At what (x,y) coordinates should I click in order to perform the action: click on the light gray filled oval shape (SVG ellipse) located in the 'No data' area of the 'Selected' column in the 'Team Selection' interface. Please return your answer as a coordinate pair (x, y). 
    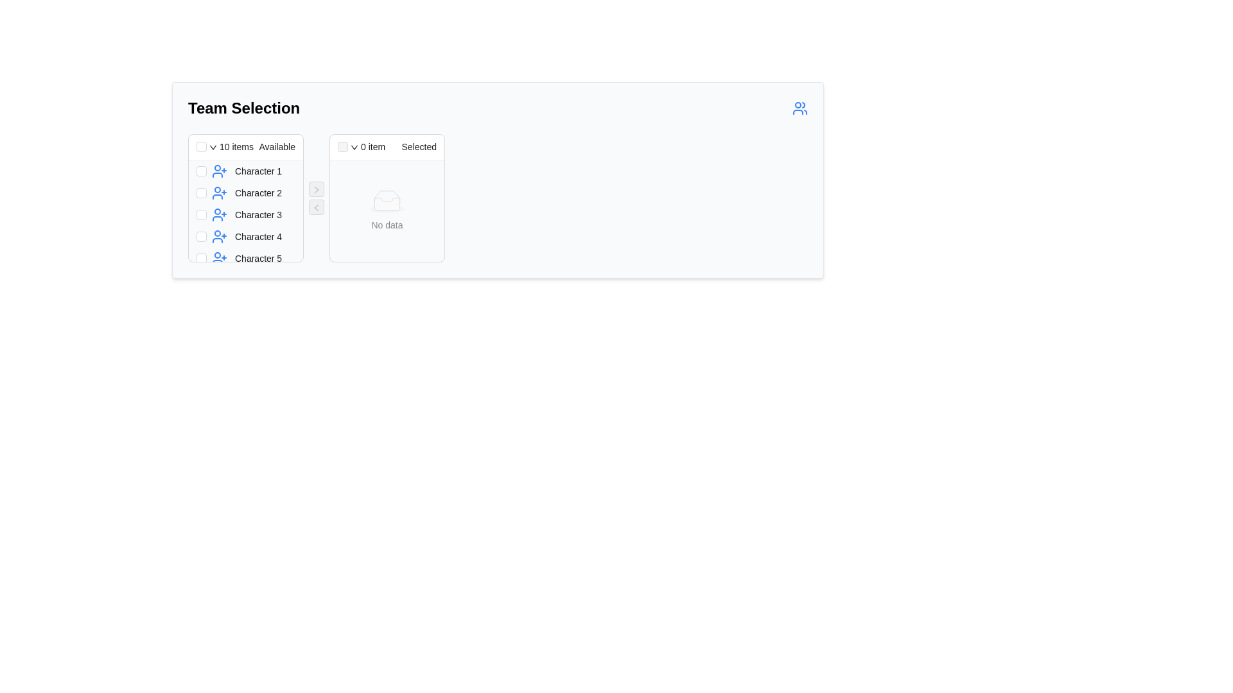
    Looking at the image, I should click on (387, 207).